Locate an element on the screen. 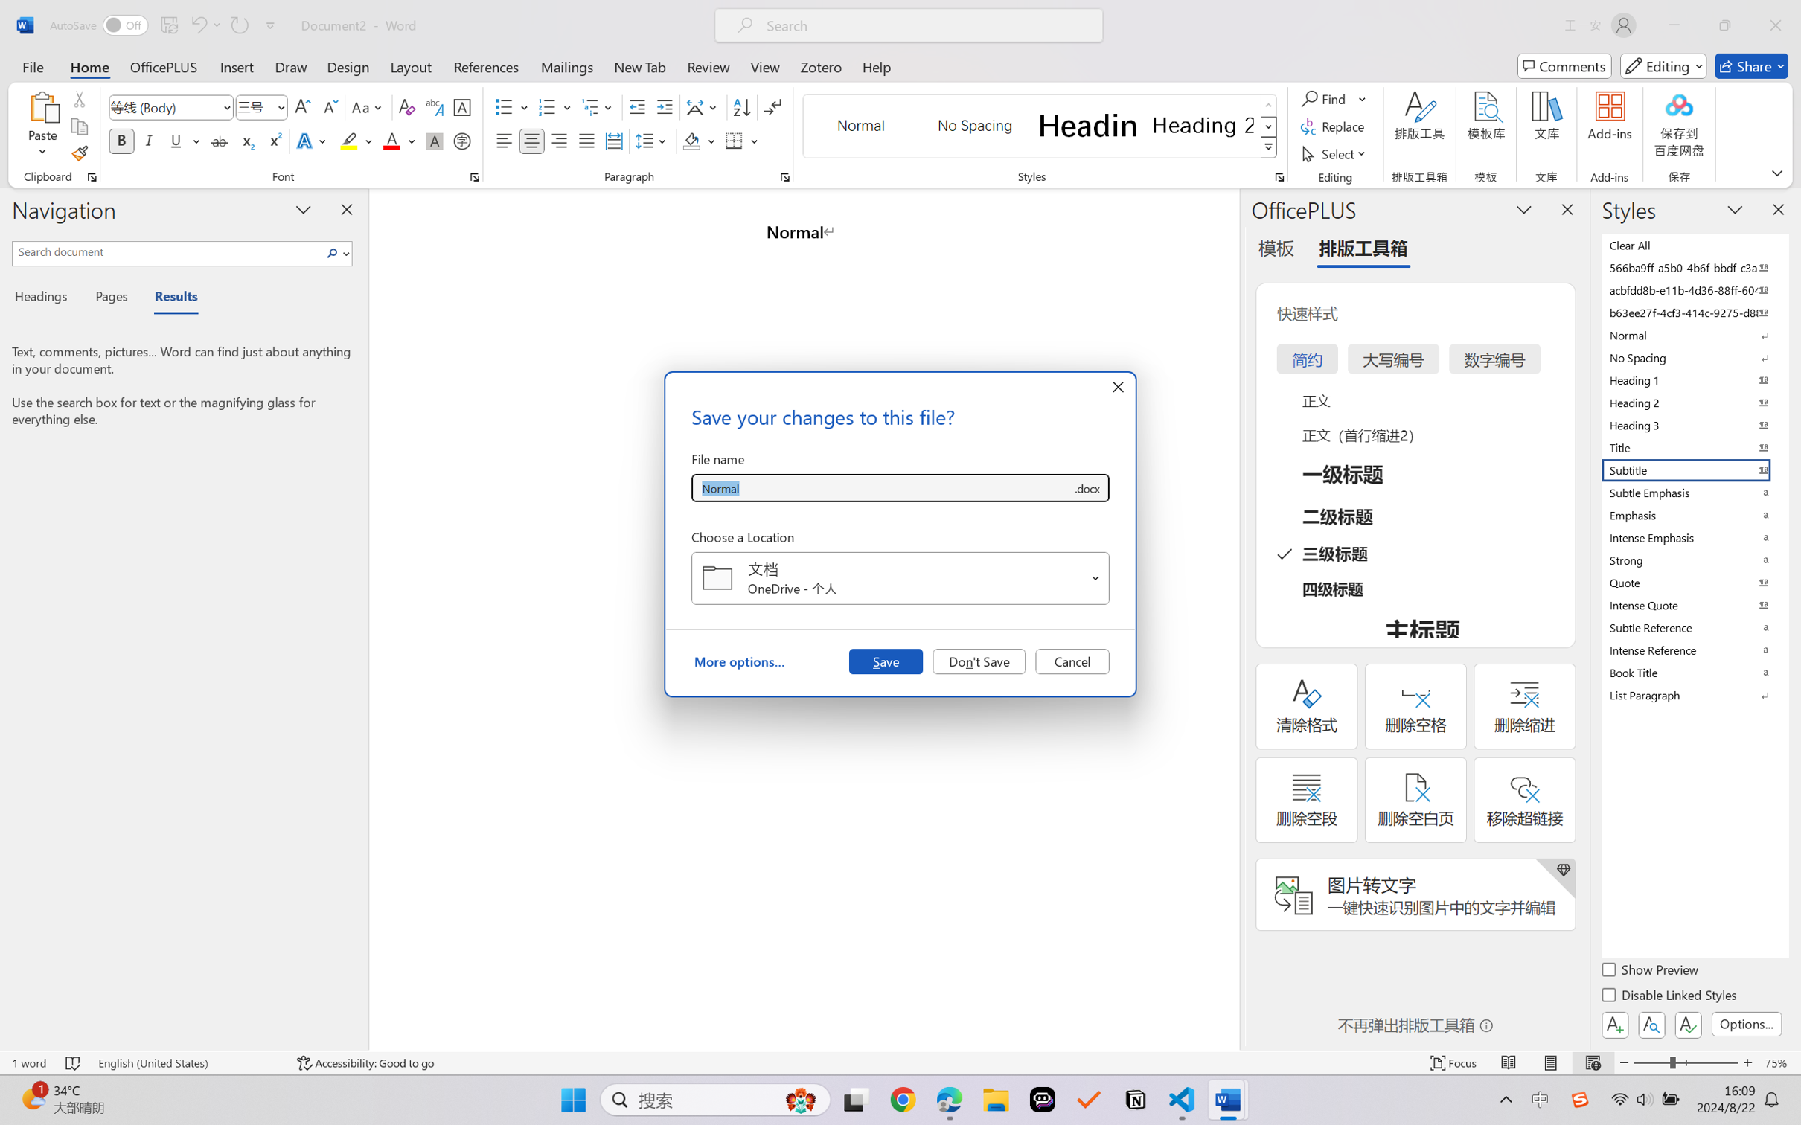  'Accessibility Checker Accessibility: Good to go' is located at coordinates (365, 1062).